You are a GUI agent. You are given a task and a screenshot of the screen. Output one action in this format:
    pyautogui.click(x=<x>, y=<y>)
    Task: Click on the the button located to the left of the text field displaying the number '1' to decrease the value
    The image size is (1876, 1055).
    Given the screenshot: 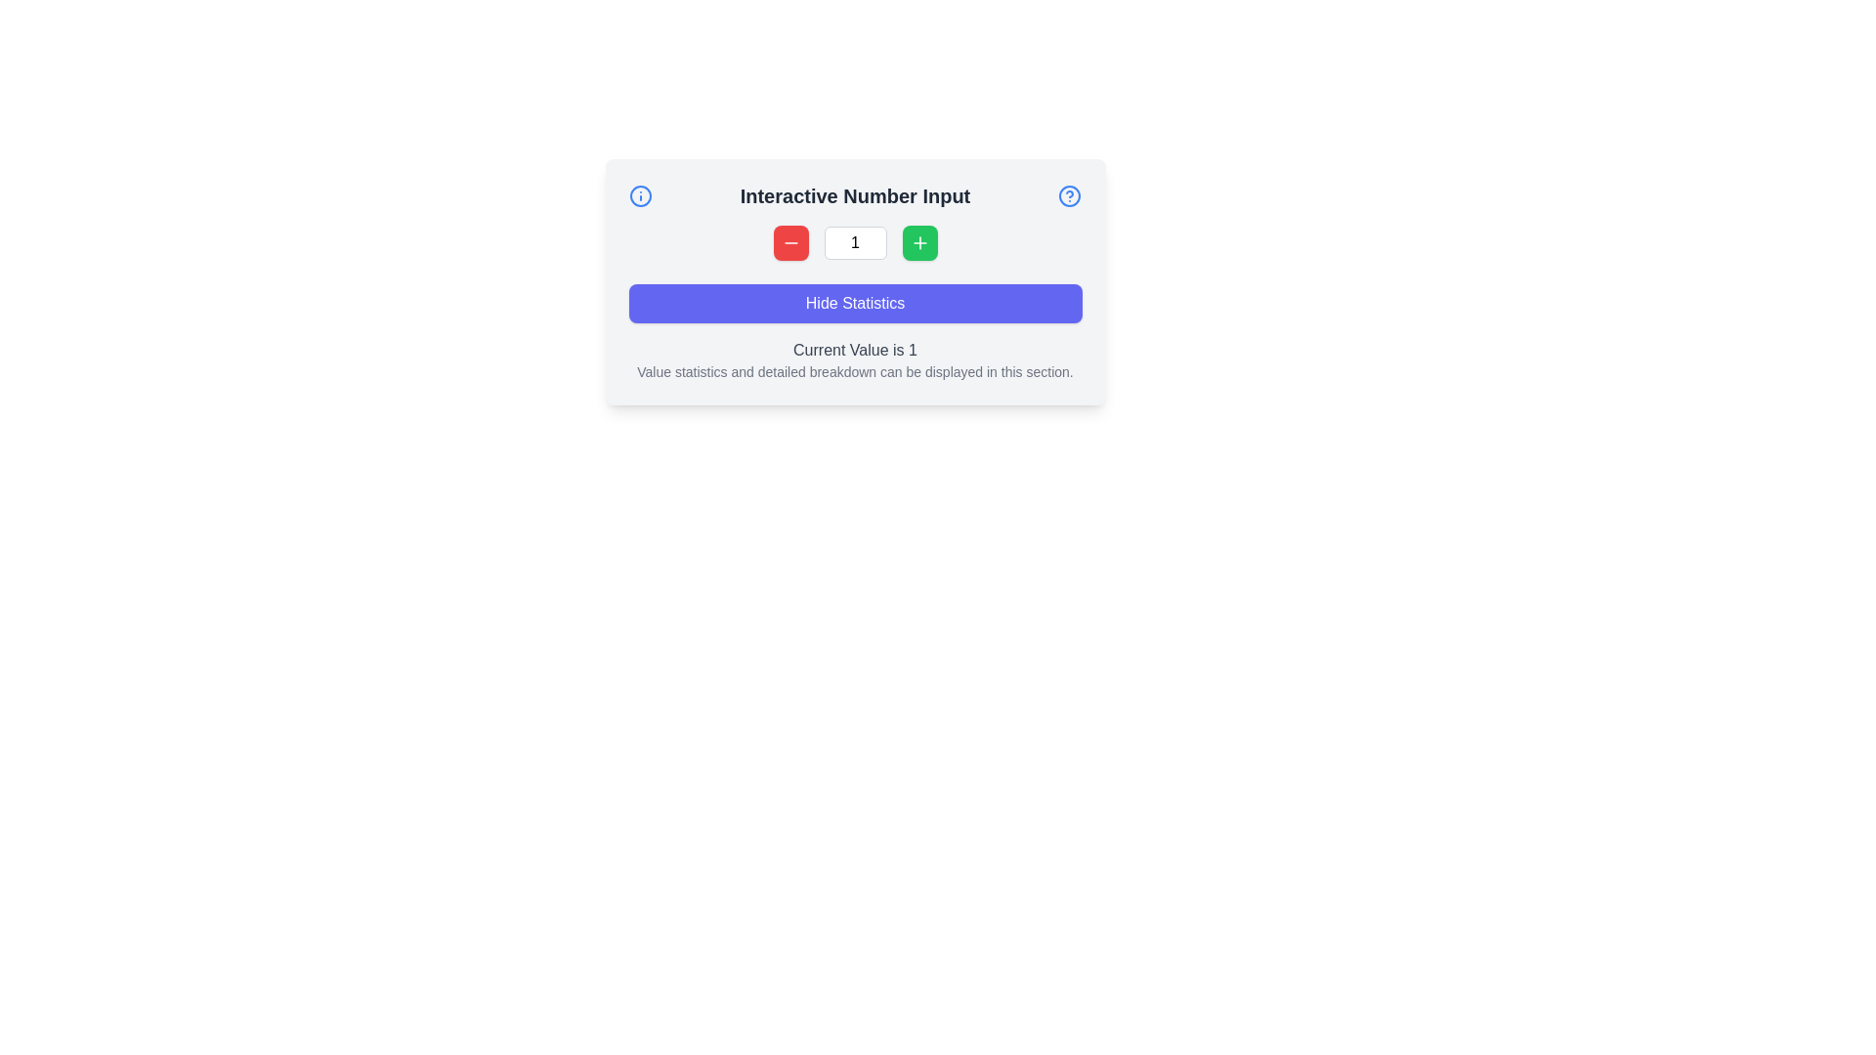 What is the action you would take?
    pyautogui.click(x=790, y=242)
    